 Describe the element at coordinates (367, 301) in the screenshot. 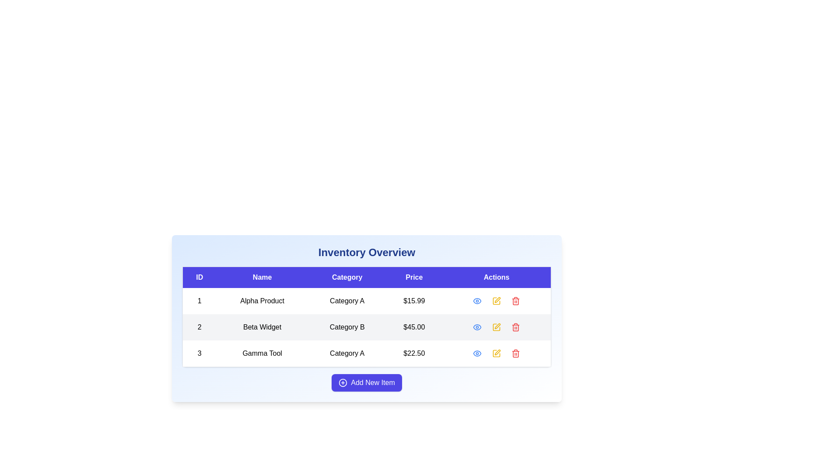

I see `the first row in the 'Inventory Overview' table displaying product ID '1', product name 'Alpha Product', category 'Category A', and price '$15.99'` at that location.